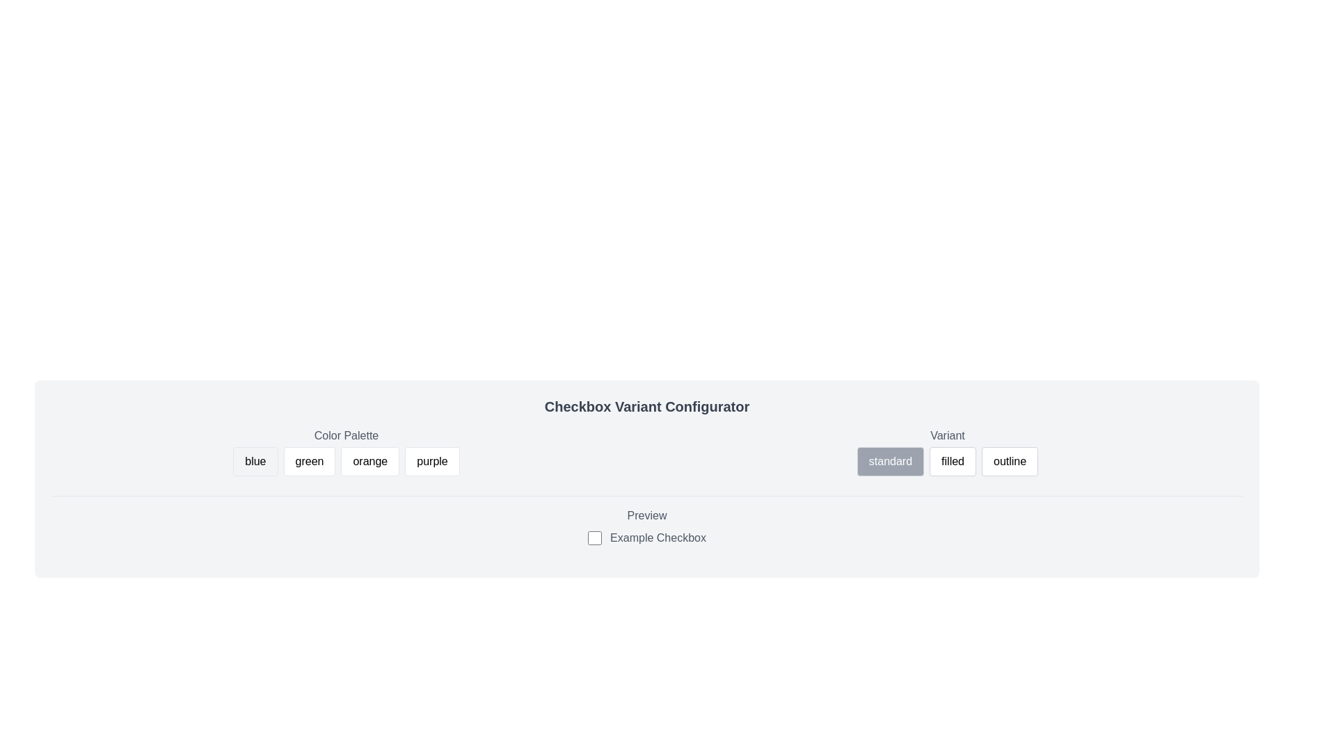 The width and height of the screenshot is (1336, 751). I want to click on the orange color selection button located below the 'Color Palette' heading, so click(370, 461).